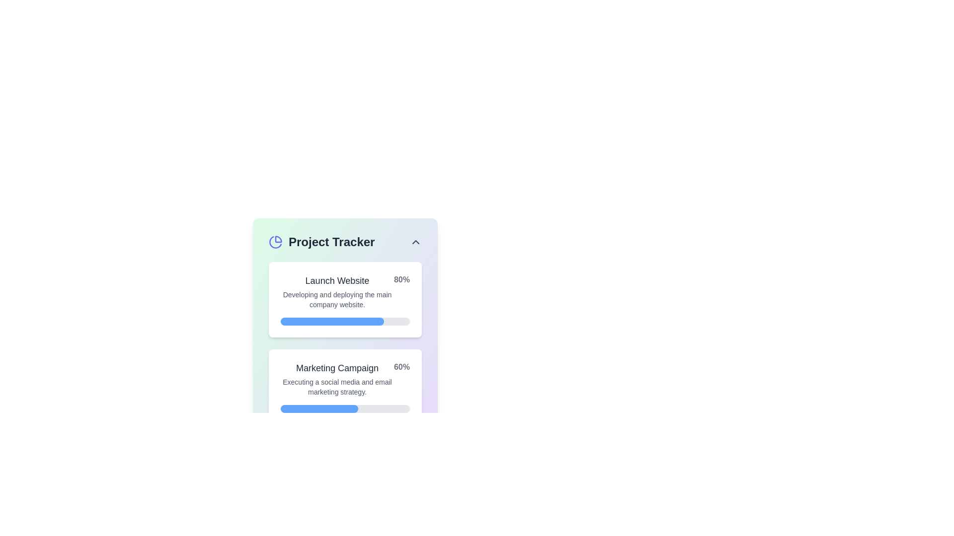 Image resolution: width=954 pixels, height=536 pixels. What do you see at coordinates (332, 322) in the screenshot?
I see `the progress bar segment that visually represents the task 'Launch Website', located within the gray progress bar track under the 'Project Tracker' heading` at bounding box center [332, 322].